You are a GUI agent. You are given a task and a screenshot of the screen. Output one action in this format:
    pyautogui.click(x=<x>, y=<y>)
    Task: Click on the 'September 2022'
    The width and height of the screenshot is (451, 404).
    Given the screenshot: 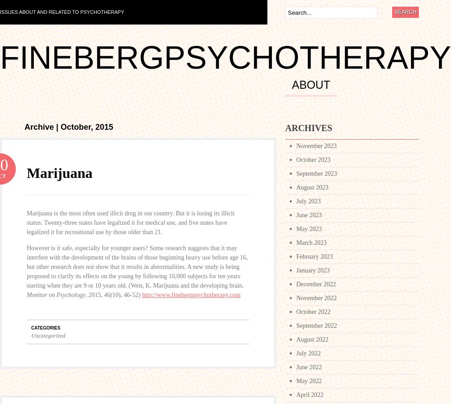 What is the action you would take?
    pyautogui.click(x=316, y=325)
    